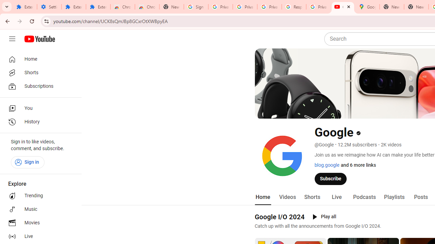 The image size is (435, 244). I want to click on 'Movies', so click(38, 223).